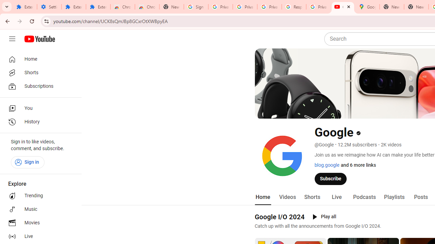 The image size is (435, 244). I want to click on 'Movies', so click(38, 223).